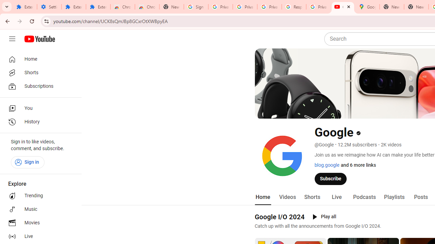 The image size is (435, 244). I want to click on 'Movies', so click(38, 223).